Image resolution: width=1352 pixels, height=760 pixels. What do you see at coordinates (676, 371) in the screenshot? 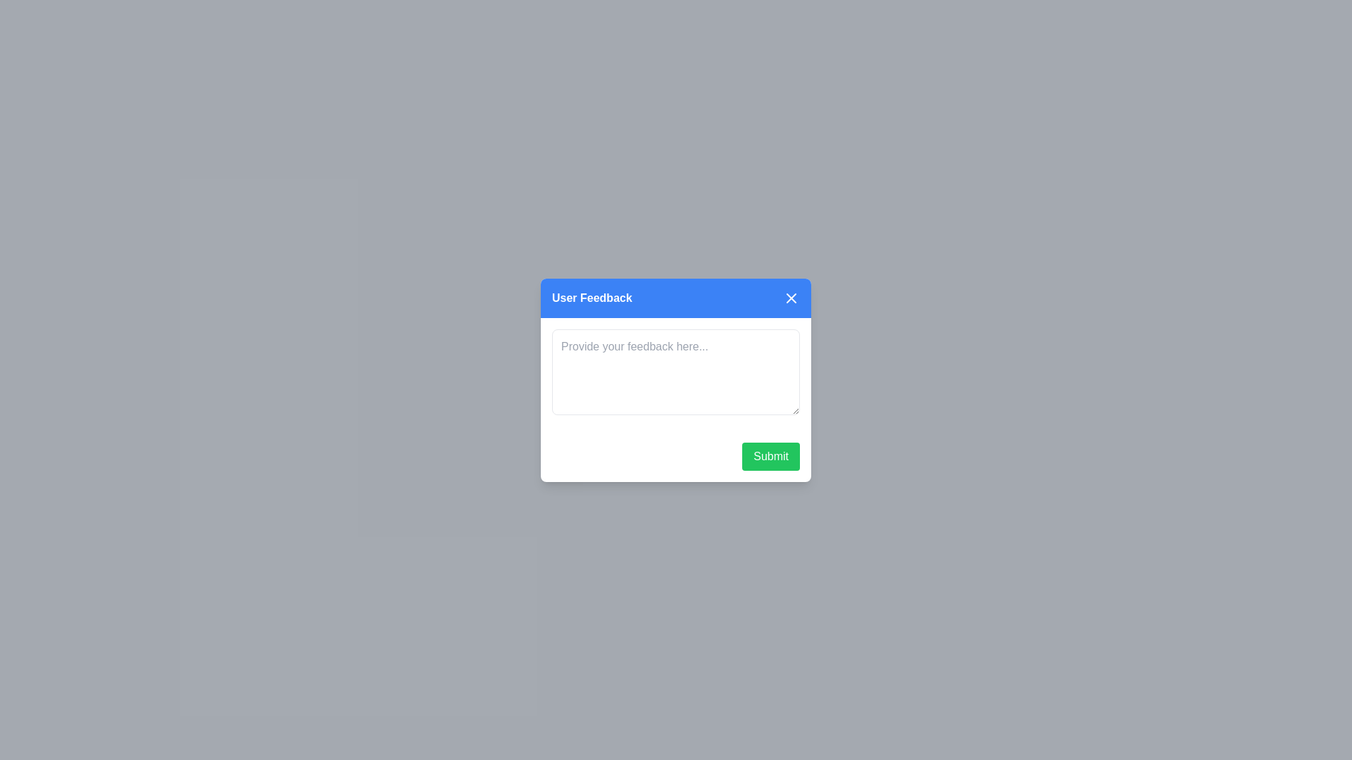
I see `the feedback input box and type the text 'This is a test feedback'` at bounding box center [676, 371].